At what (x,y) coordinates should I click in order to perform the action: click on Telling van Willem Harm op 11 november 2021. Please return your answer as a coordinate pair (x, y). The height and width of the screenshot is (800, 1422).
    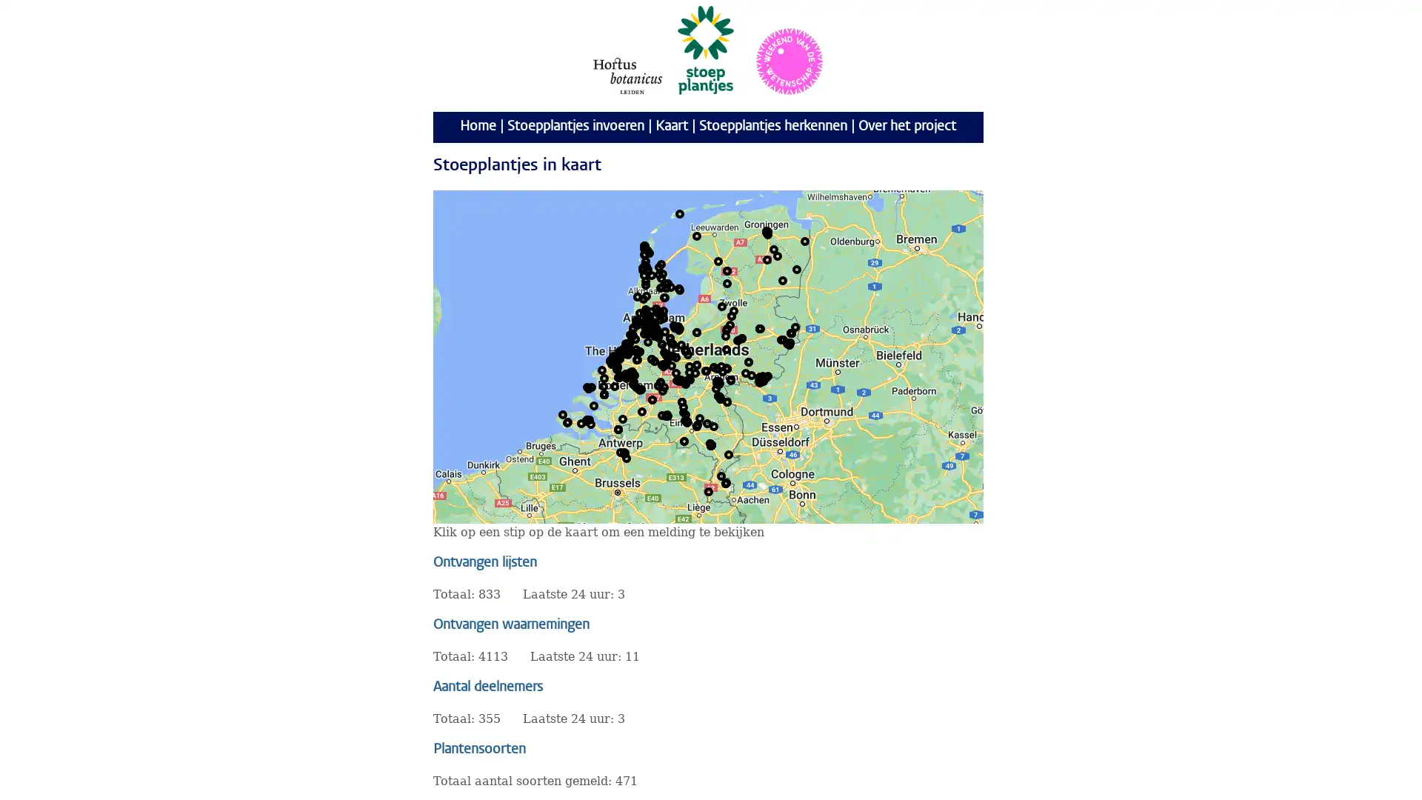
    Looking at the image, I should click on (632, 373).